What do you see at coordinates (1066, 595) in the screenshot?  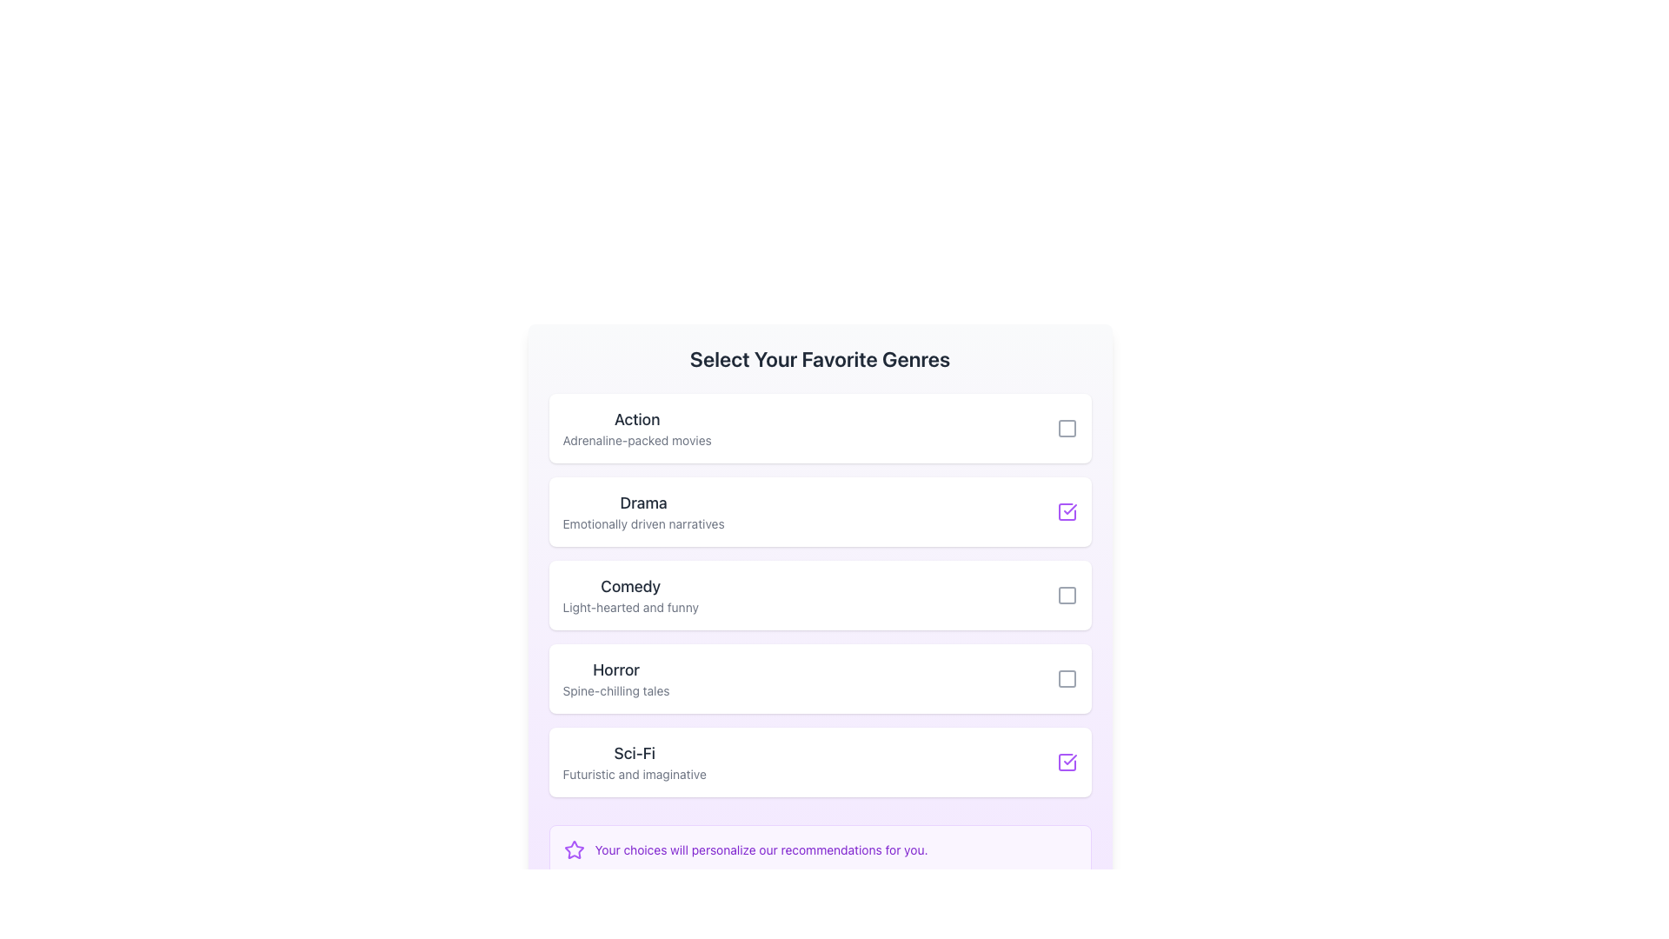 I see `the checkbox element located to the right of the text 'Comedy', which is the third element in a vertical stack of similar elements` at bounding box center [1066, 595].